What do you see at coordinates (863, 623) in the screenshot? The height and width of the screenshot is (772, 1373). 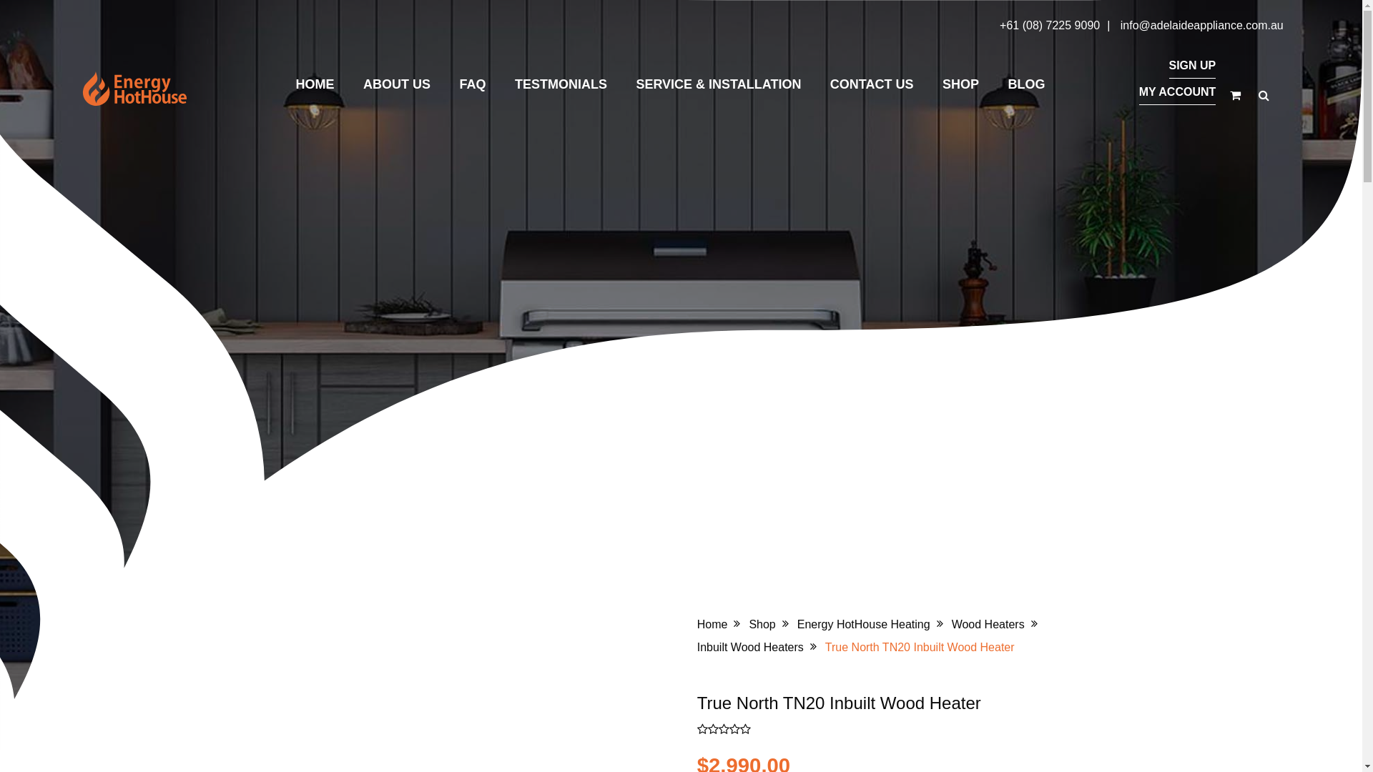 I see `'Energy HotHouse Heating'` at bounding box center [863, 623].